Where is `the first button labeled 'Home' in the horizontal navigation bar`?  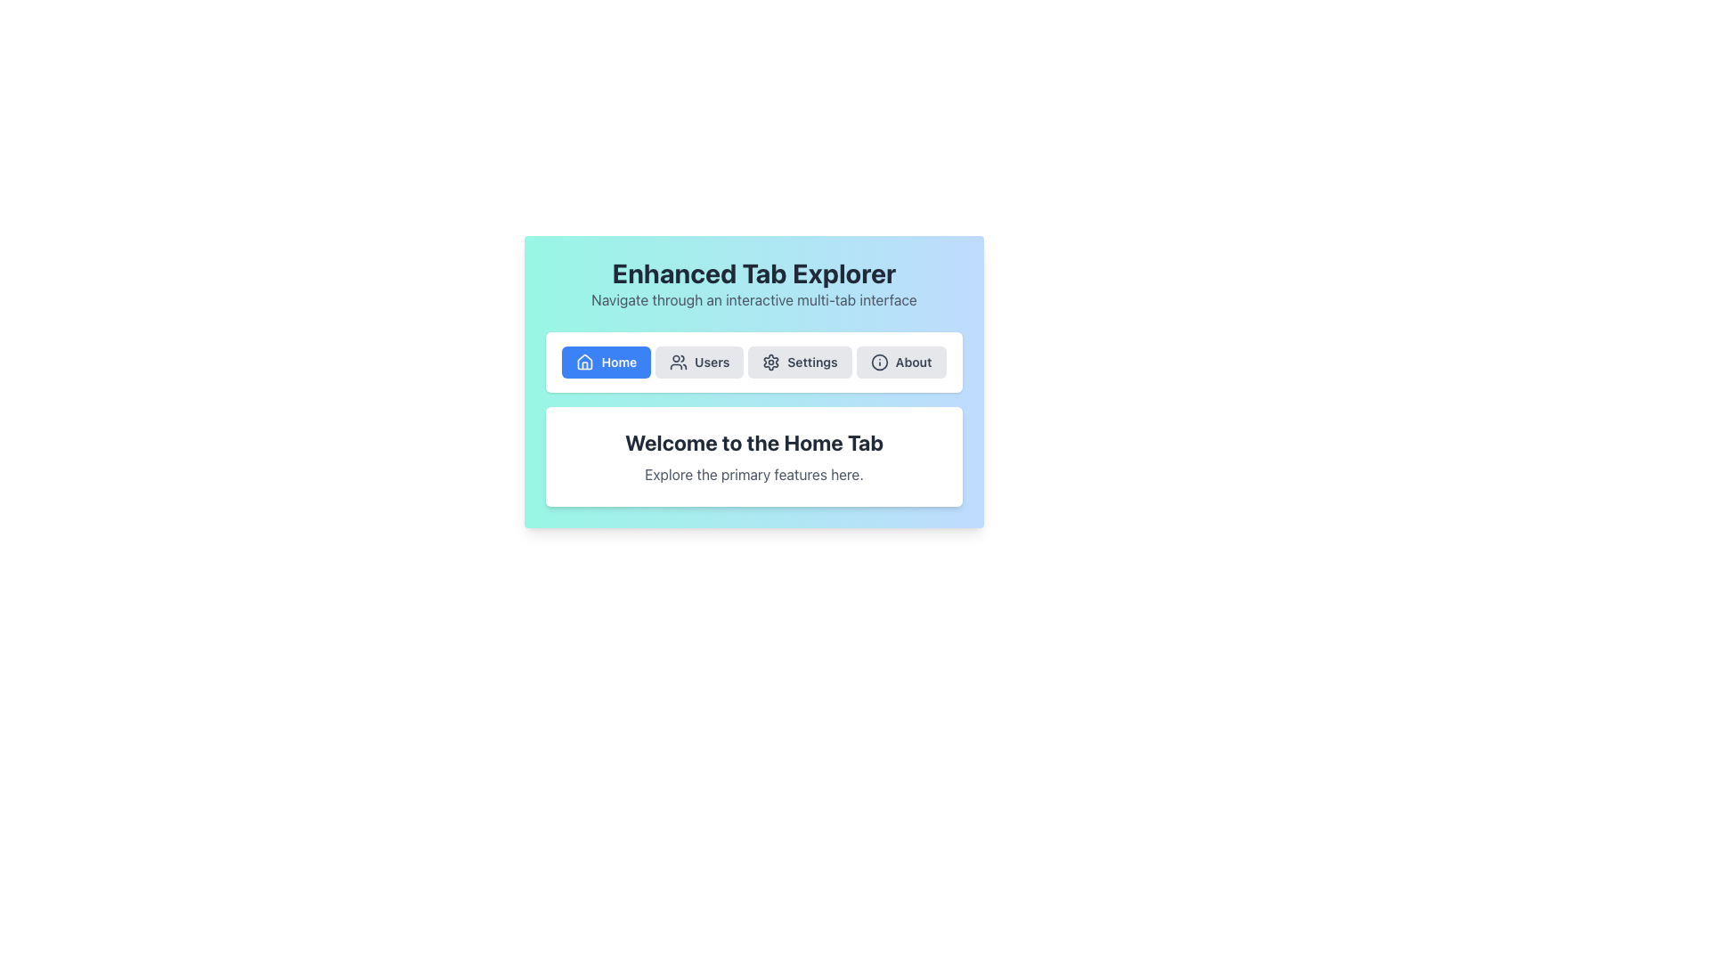
the first button labeled 'Home' in the horizontal navigation bar is located at coordinates (607, 362).